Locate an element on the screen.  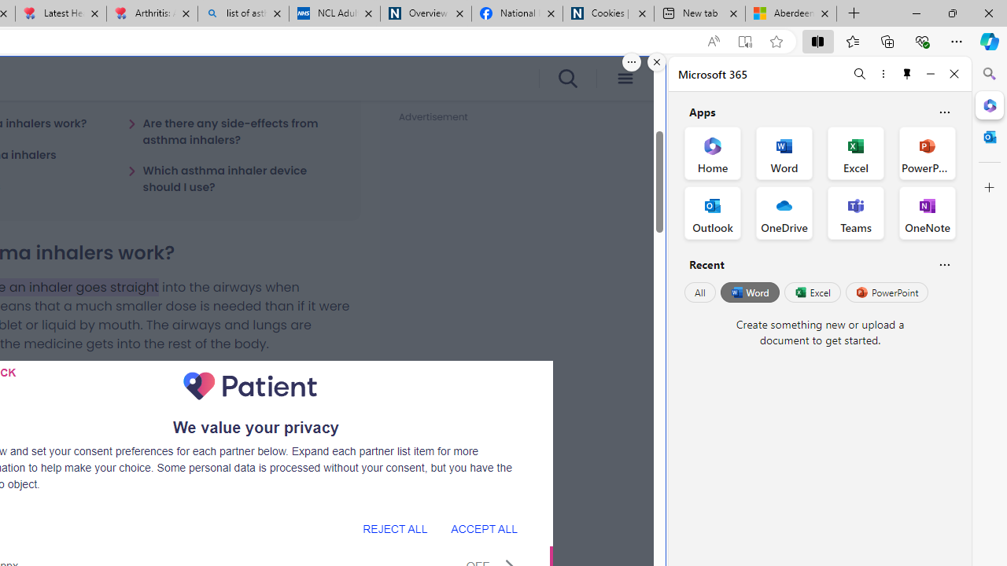
'PowerPoint Office App' is located at coordinates (927, 153).